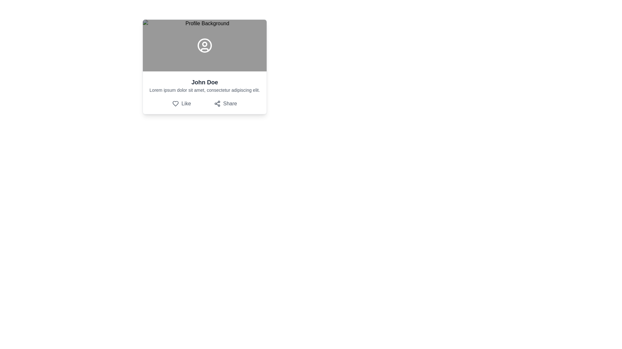  I want to click on the heart icon that signifies a 'Like' action, which is positioned to the left of the 'Like' text in a horizontal row, so click(176, 103).